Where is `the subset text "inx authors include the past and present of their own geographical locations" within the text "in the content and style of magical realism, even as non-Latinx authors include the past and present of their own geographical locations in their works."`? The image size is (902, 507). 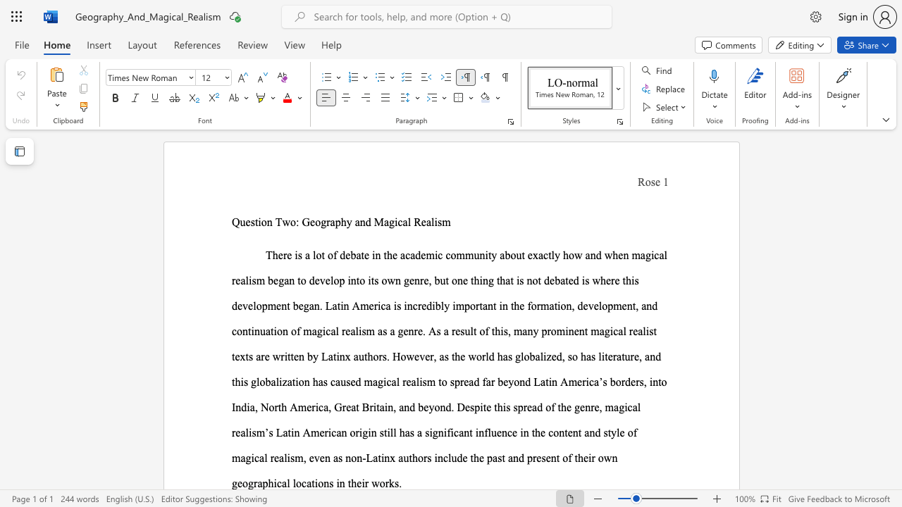
the subset text "inx authors include the past and present of their own geographical locations" within the text "in the content and style of magical realism, even as non-Latinx authors include the past and present of their own geographical locations in their works." is located at coordinates (381, 458).